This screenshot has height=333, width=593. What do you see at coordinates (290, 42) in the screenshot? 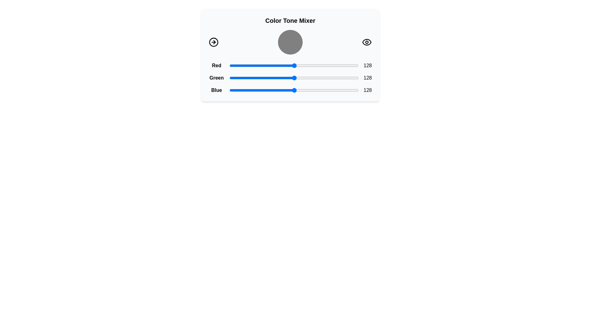
I see `the circular static visual indicator element with a gray background, which is centrally located beneath the 'Color Tone Mixer' title` at bounding box center [290, 42].